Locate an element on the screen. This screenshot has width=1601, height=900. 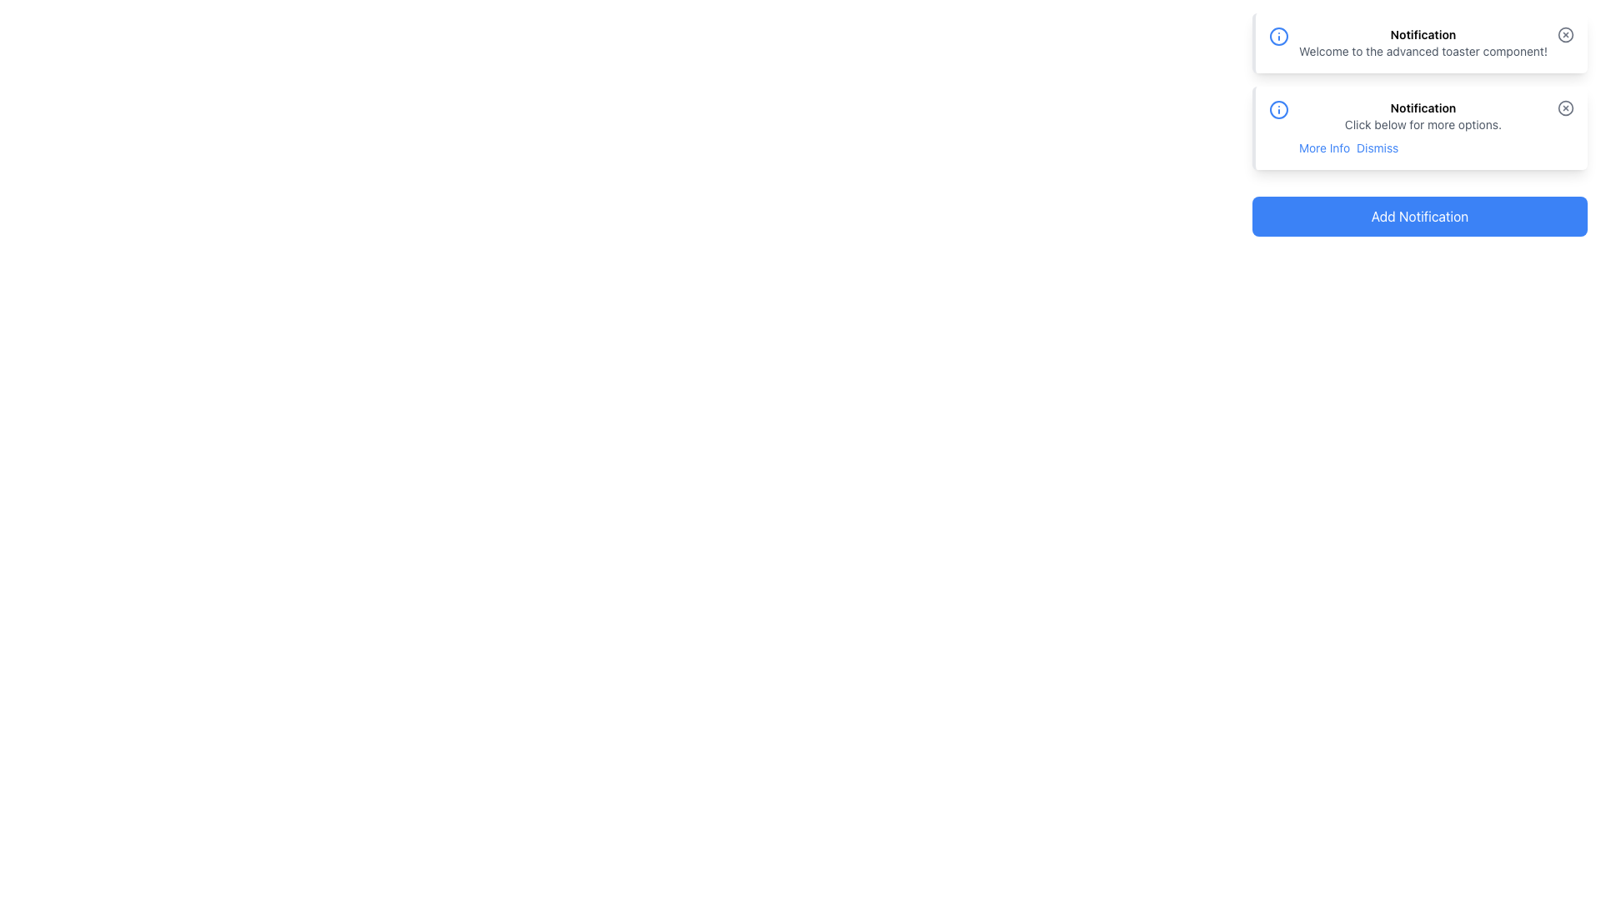
the decorative circle located in the top-right corner of the notification box within the SVG graphic is located at coordinates (1564, 35).